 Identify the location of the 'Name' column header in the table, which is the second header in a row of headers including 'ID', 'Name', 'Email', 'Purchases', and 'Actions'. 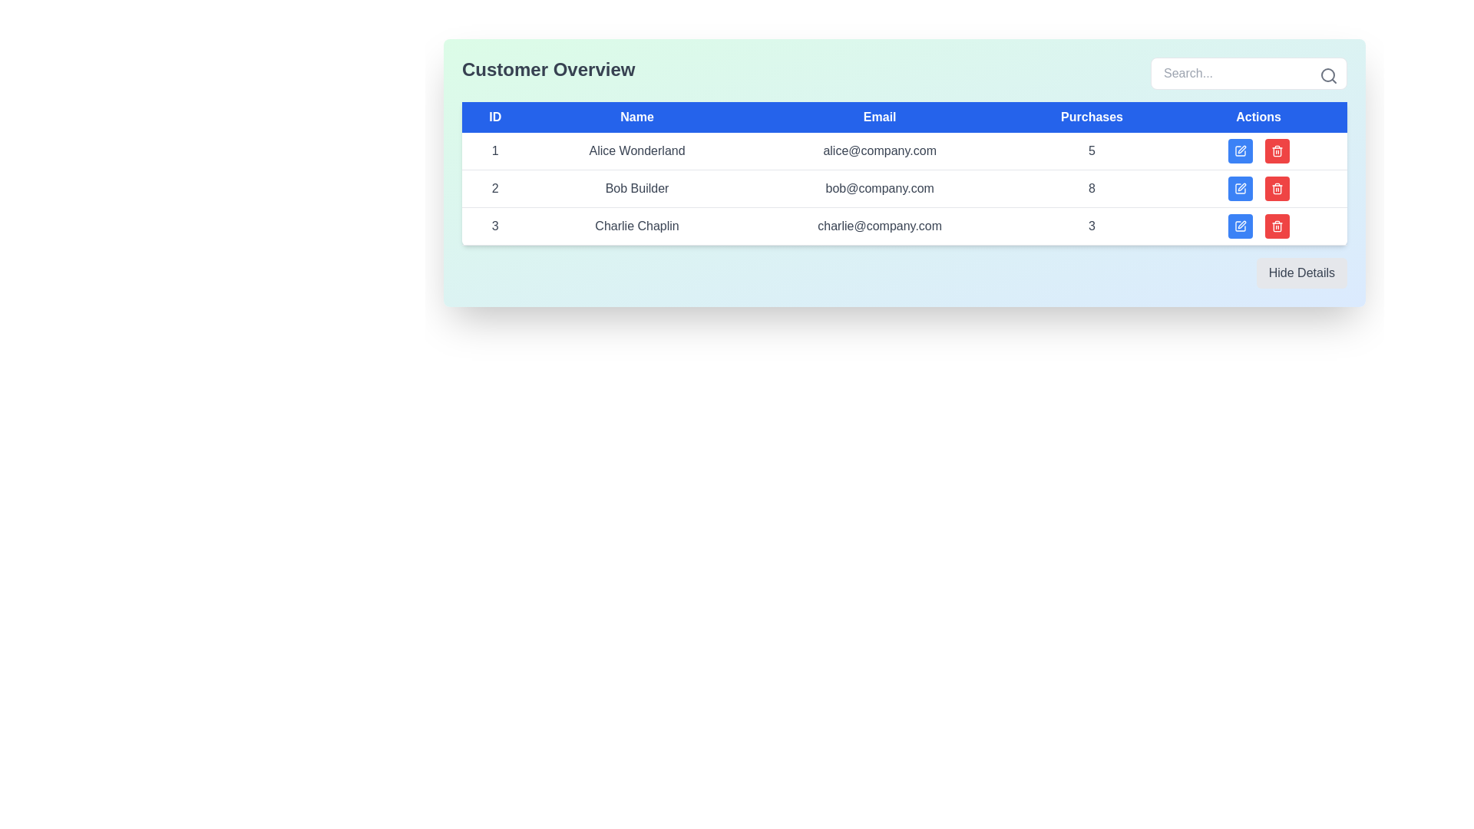
(637, 117).